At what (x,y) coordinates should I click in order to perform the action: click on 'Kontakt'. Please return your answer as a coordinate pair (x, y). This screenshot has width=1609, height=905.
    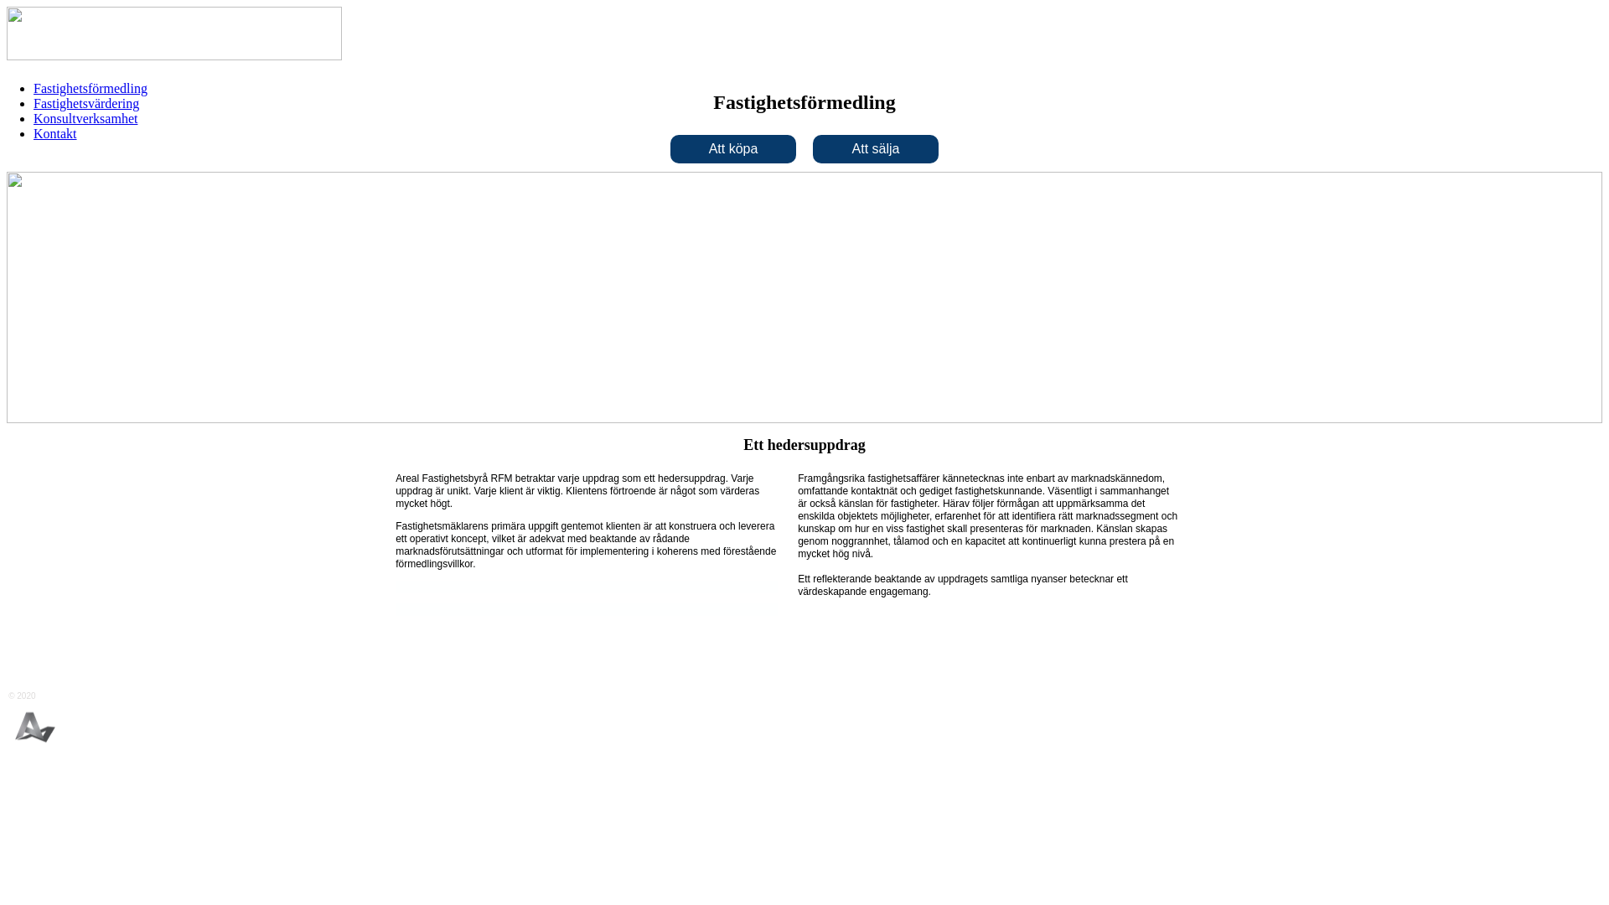
    Looking at the image, I should click on (55, 132).